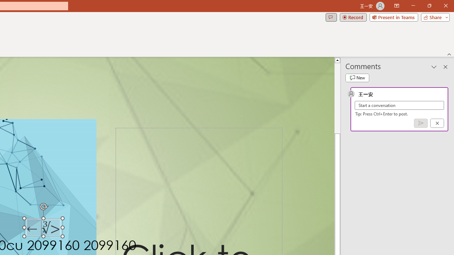  Describe the element at coordinates (357, 78) in the screenshot. I see `'New comment'` at that location.